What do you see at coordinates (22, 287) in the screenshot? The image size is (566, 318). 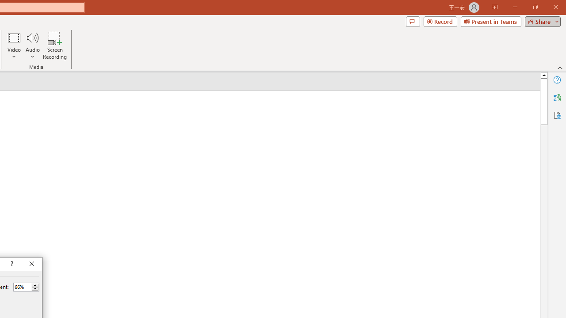 I see `'Percent'` at bounding box center [22, 287].